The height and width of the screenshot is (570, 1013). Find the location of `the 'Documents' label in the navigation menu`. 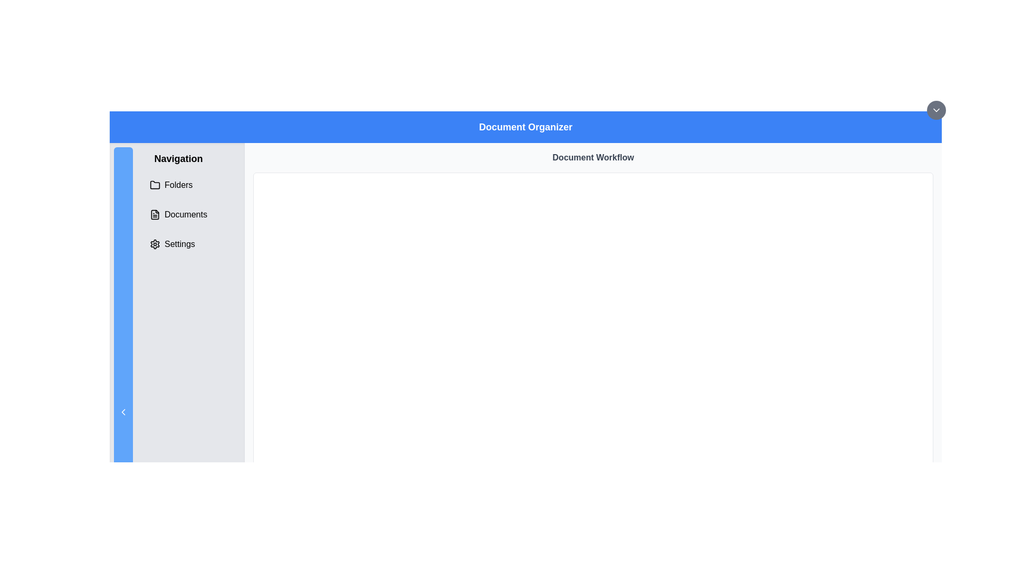

the 'Documents' label in the navigation menu is located at coordinates (186, 214).